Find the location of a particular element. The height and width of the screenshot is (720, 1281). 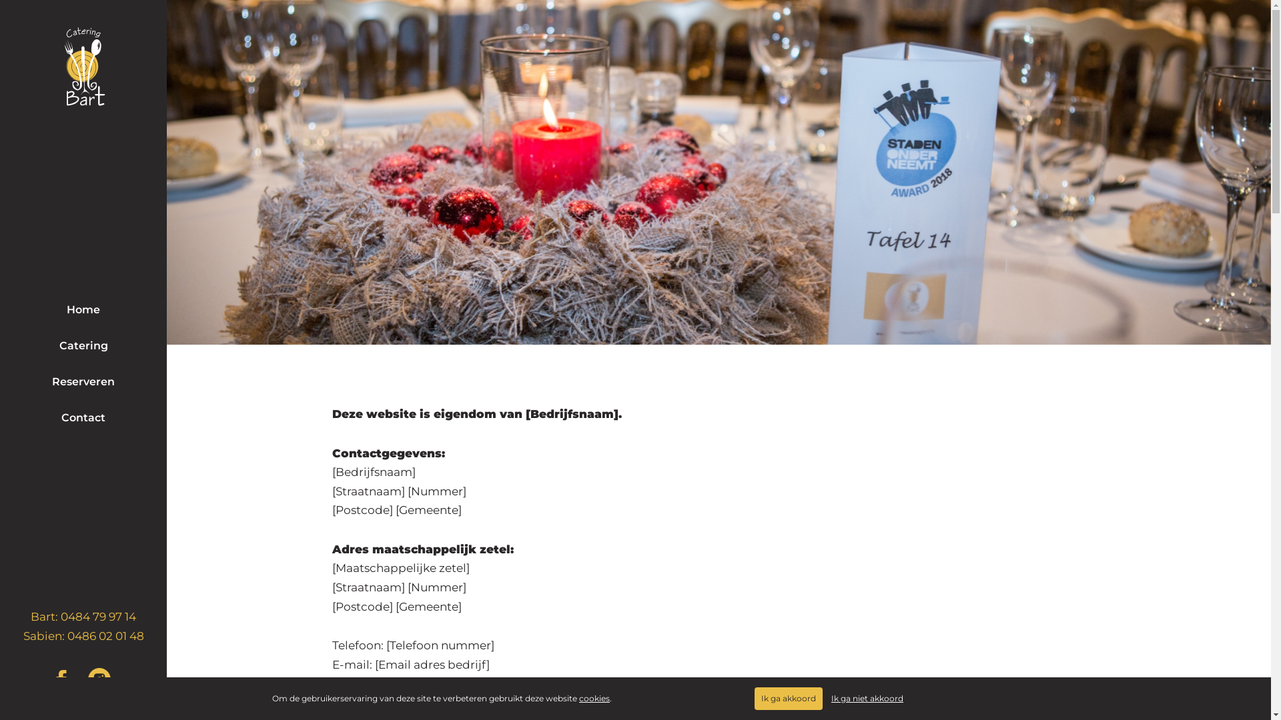

'Ik ga niet akkoord' is located at coordinates (867, 697).